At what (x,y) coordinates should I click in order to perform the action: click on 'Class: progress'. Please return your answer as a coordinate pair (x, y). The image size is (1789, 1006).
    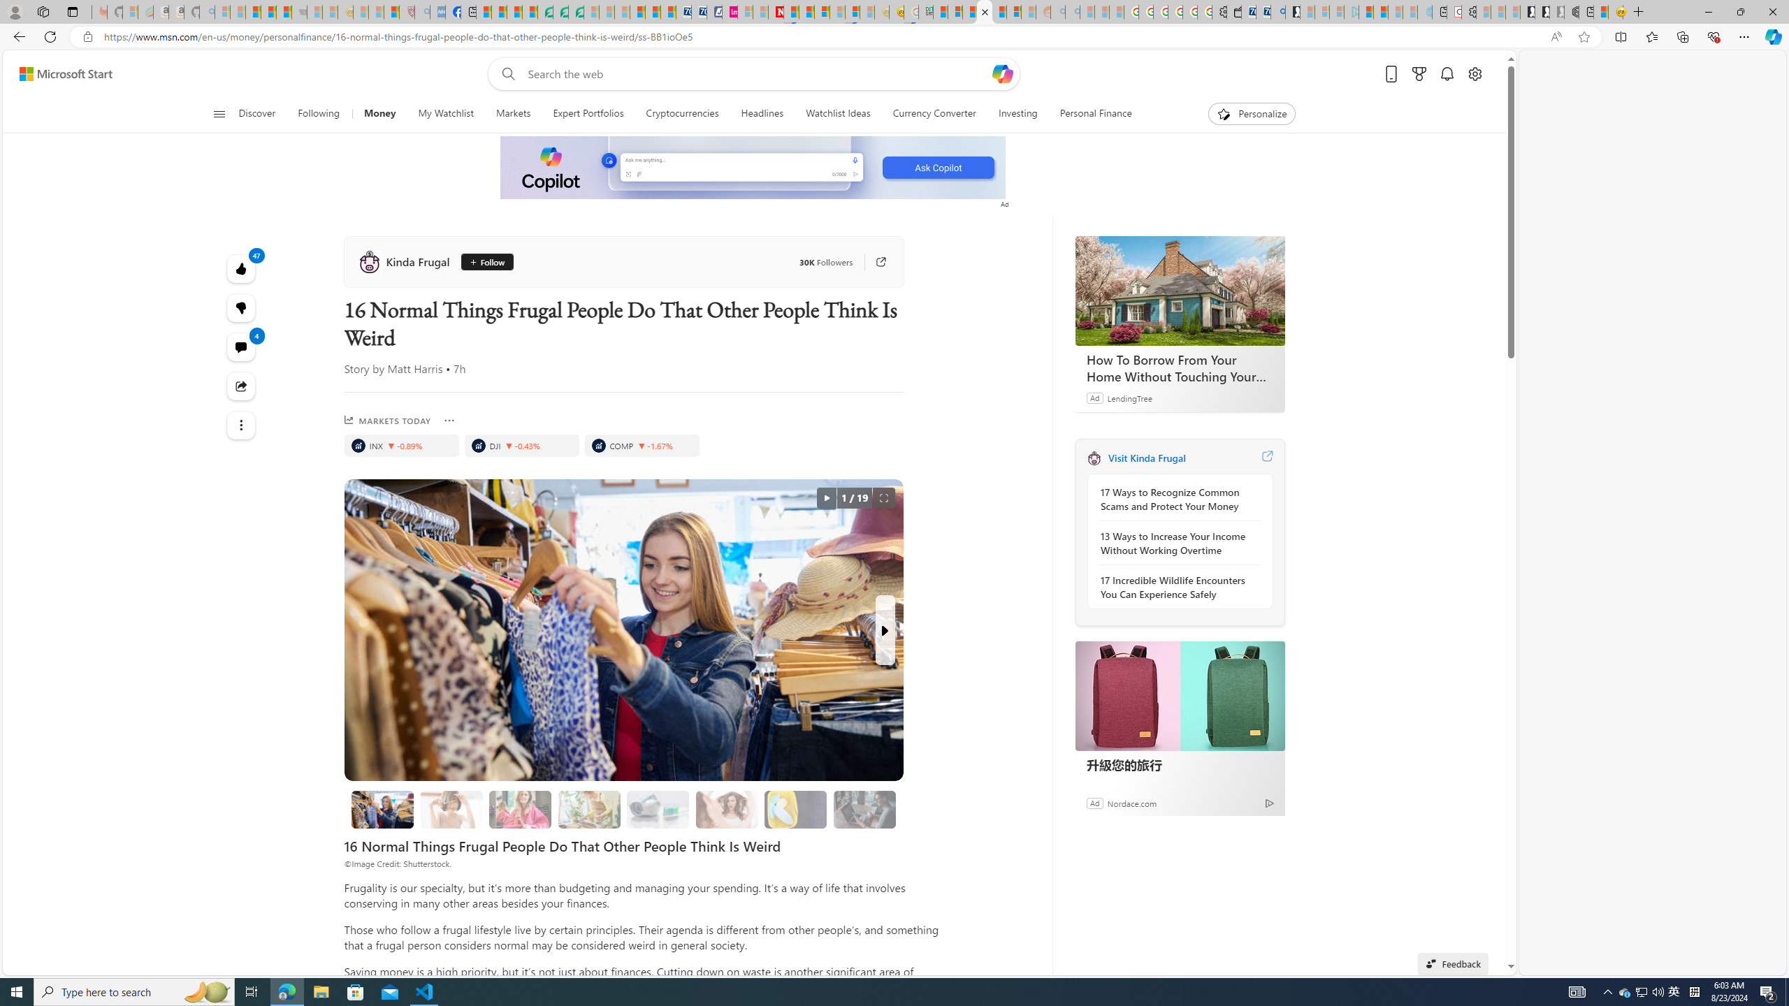
    Looking at the image, I should click on (864, 806).